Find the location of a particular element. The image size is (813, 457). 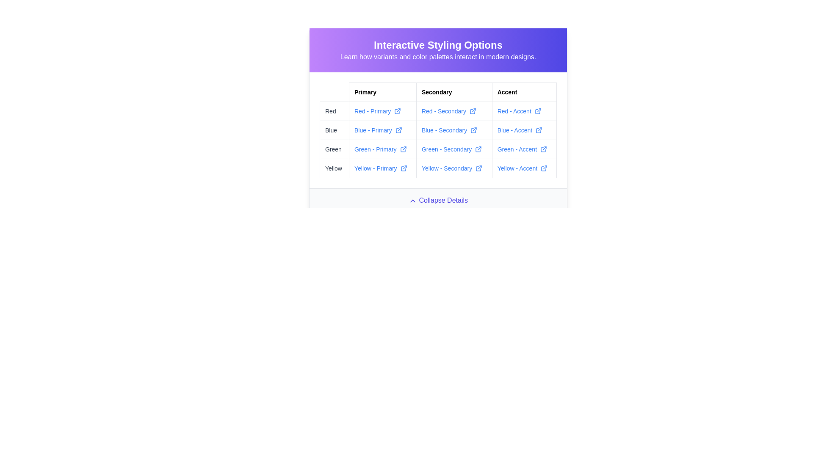

the SVG segment of the external link icon located in the 'Green - Primary' cell of the 'Interactive Styling Options' table is located at coordinates (402, 149).